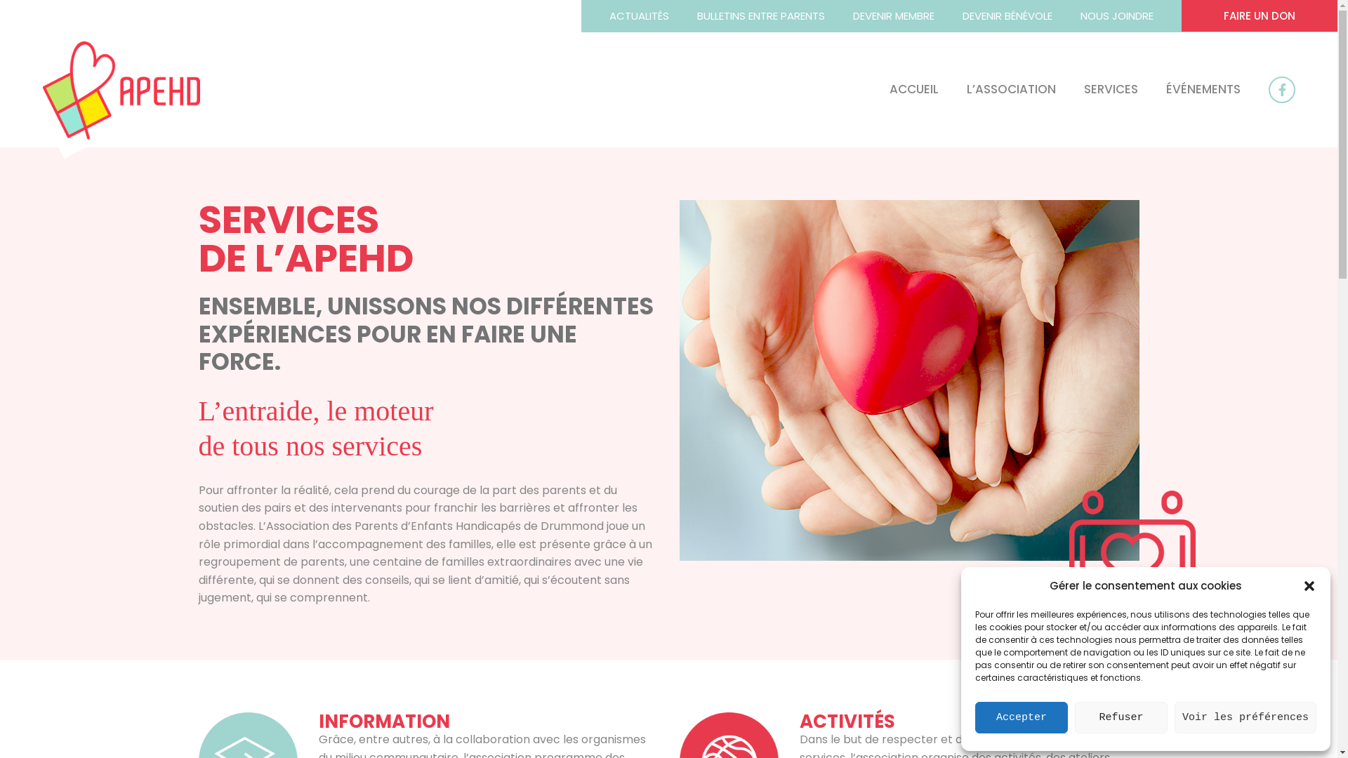 Image resolution: width=1348 pixels, height=758 pixels. What do you see at coordinates (1066, 15) in the screenshot?
I see `'NOUS JOINDRE'` at bounding box center [1066, 15].